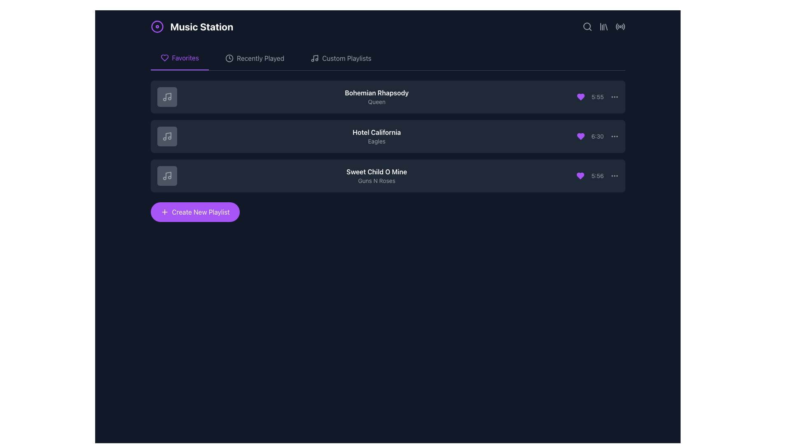 The height and width of the screenshot is (444, 791). Describe the element at coordinates (168, 96) in the screenshot. I see `the musical note icon located at the top-left corner of the first playlist item under the 'Favorites' tab, which is styled with a minimalistic and outlined design within a gray square icon` at that location.